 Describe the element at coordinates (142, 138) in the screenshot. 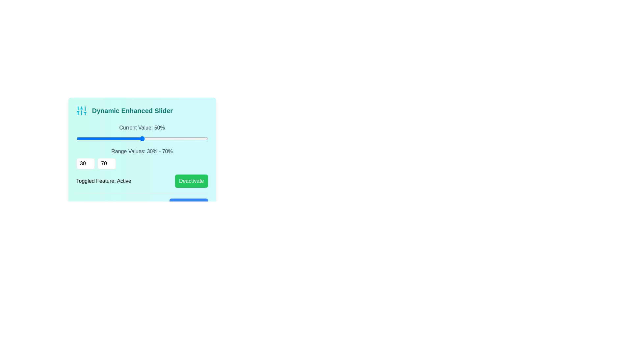

I see `the thumb of the slider located under the text 'Current Value: 50%'` at that location.